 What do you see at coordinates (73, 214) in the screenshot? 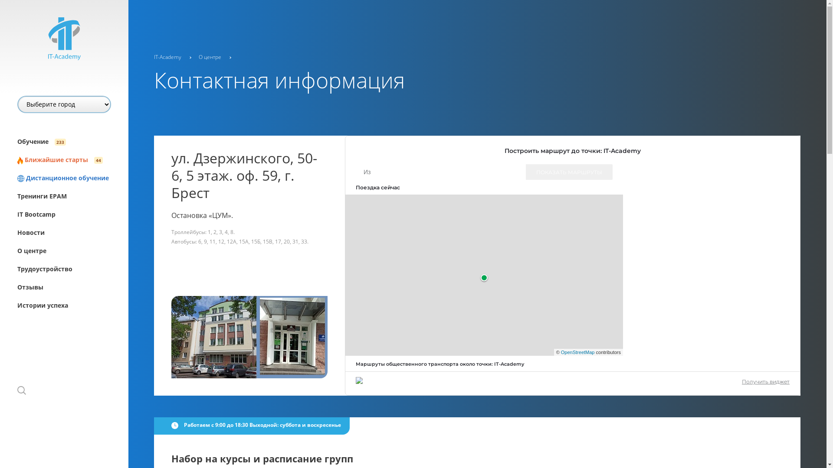
I see `'IT Bootcamp'` at bounding box center [73, 214].